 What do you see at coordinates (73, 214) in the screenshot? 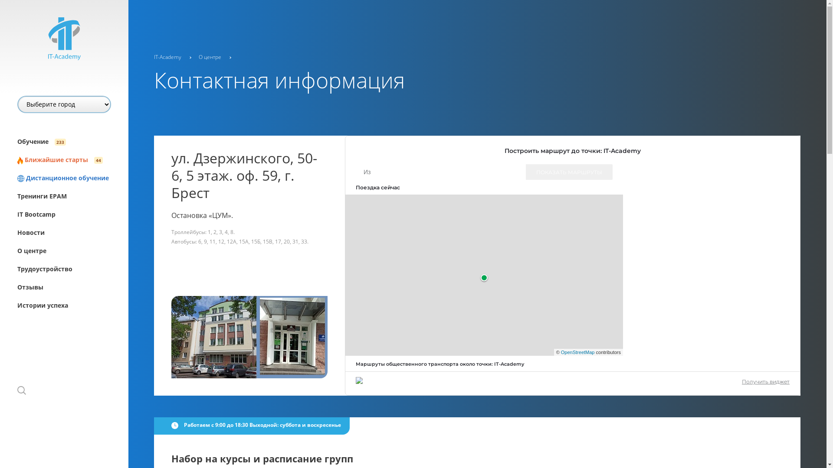
I see `'IT Bootcamp'` at bounding box center [73, 214].